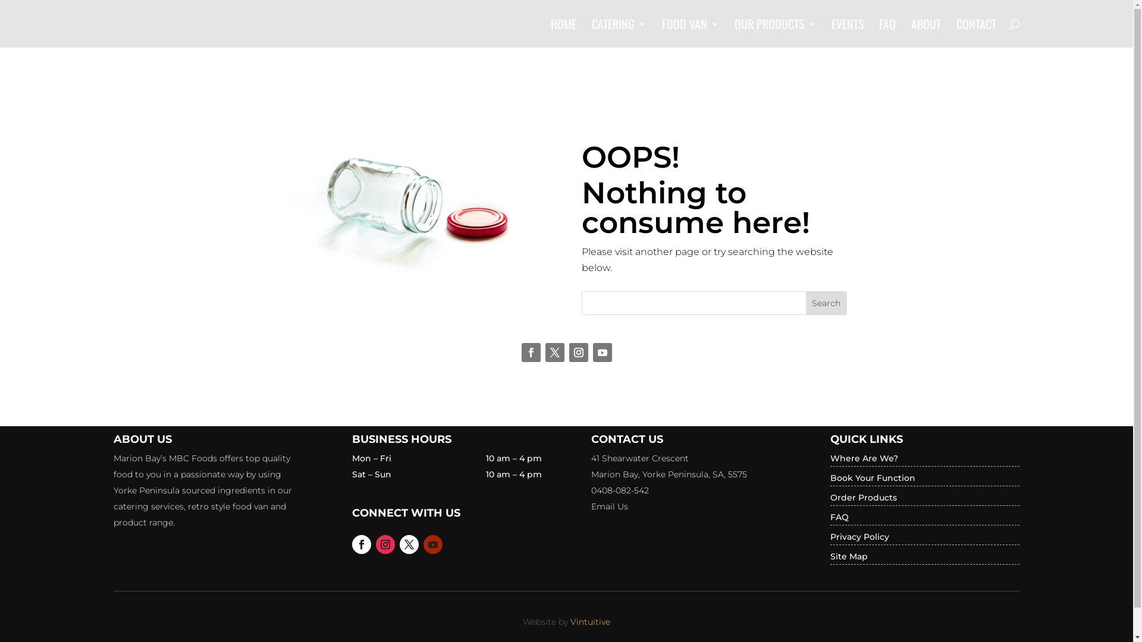  What do you see at coordinates (976, 33) in the screenshot?
I see `'CONTACT'` at bounding box center [976, 33].